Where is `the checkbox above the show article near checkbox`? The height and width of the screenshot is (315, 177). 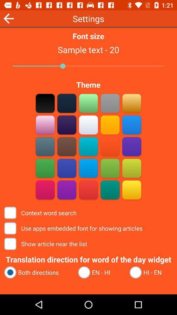 the checkbox above the show article near checkbox is located at coordinates (74, 228).